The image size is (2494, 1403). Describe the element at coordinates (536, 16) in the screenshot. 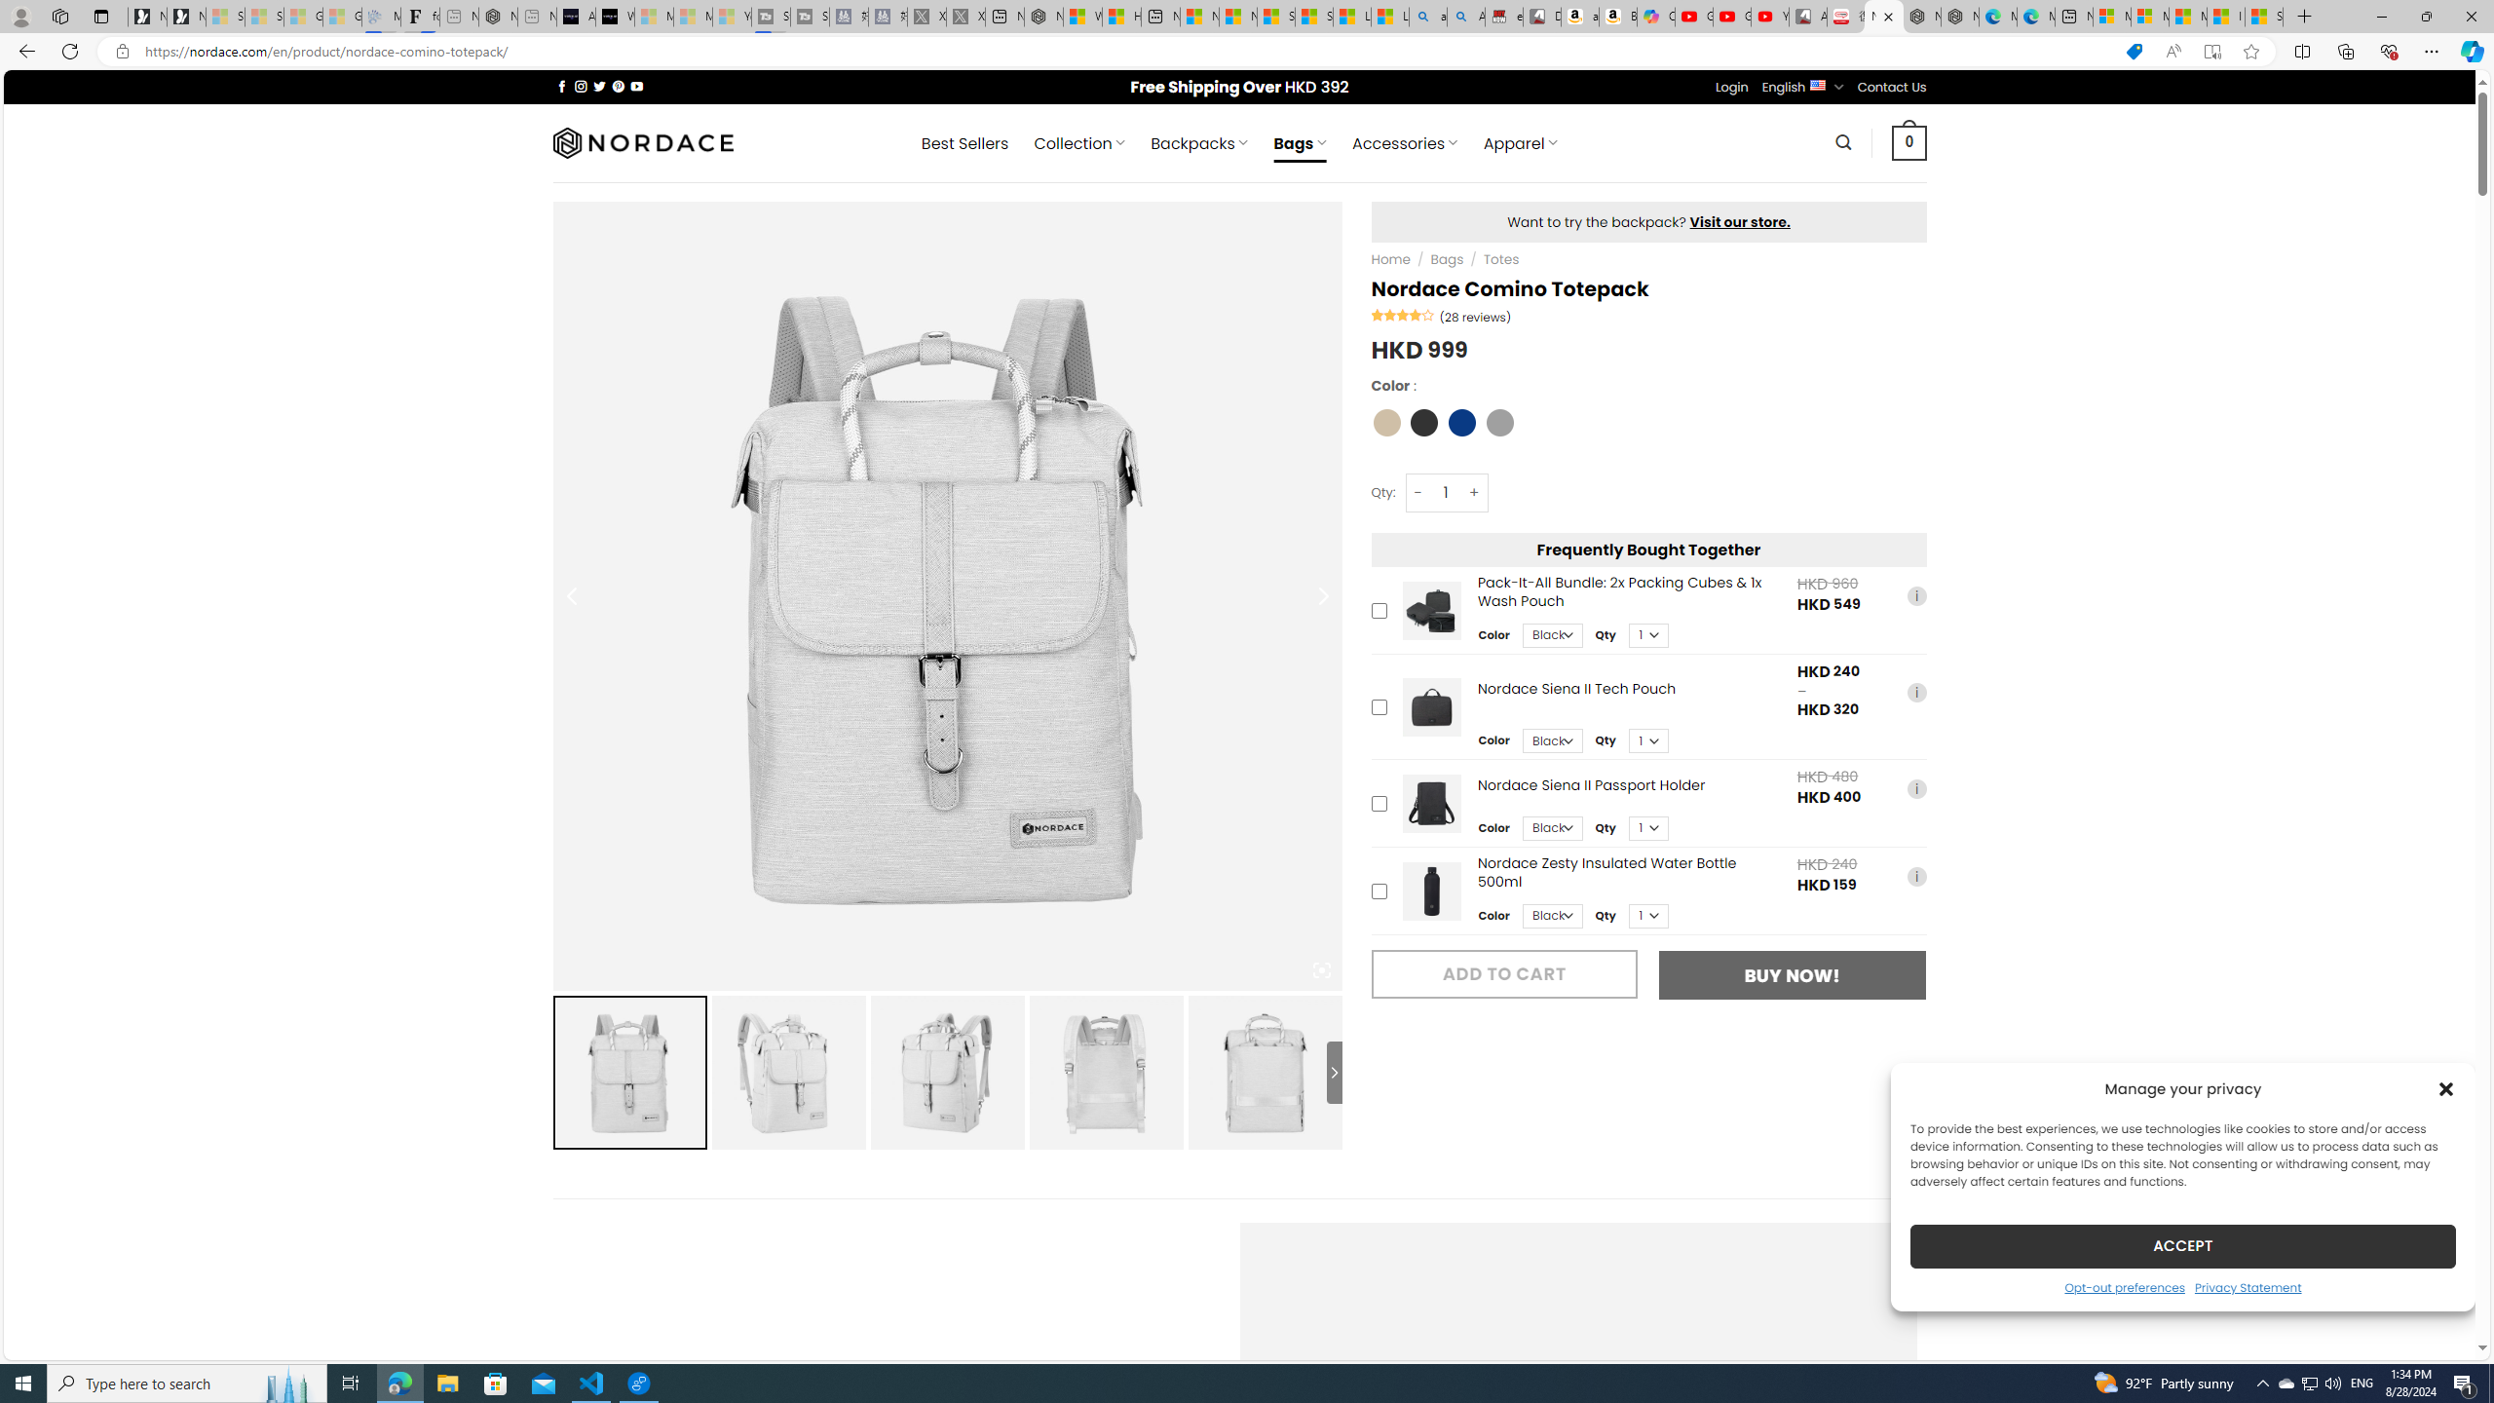

I see `'New tab - Sleeping'` at that location.